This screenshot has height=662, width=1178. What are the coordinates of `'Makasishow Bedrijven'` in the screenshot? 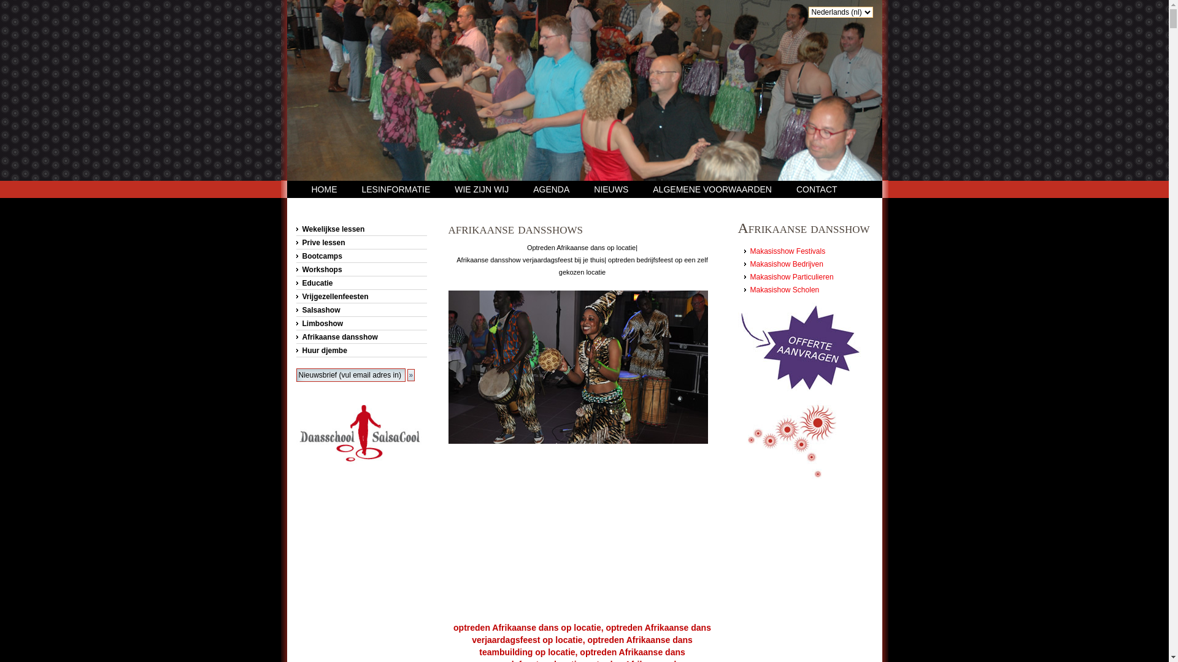 It's located at (786, 264).